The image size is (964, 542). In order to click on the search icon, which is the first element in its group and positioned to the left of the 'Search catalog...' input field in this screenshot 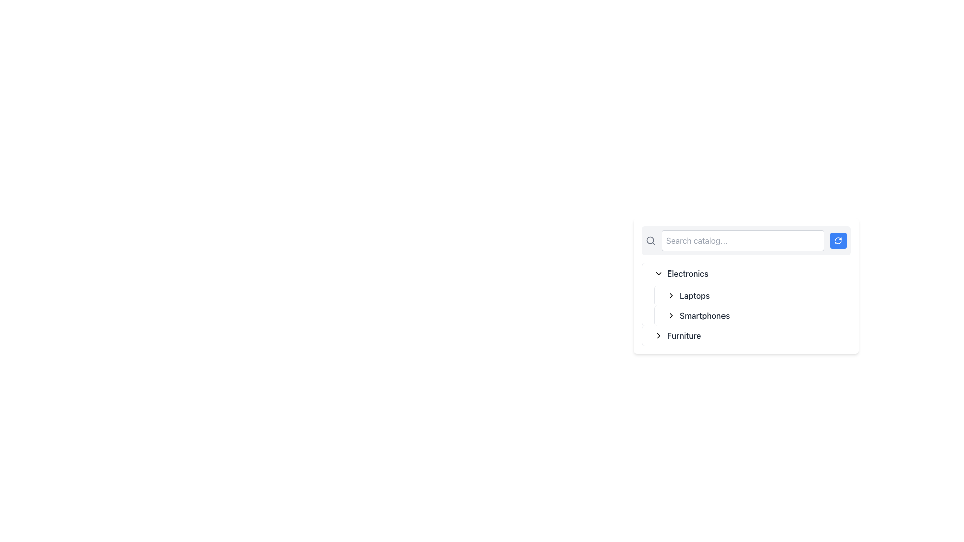, I will do `click(651, 240)`.